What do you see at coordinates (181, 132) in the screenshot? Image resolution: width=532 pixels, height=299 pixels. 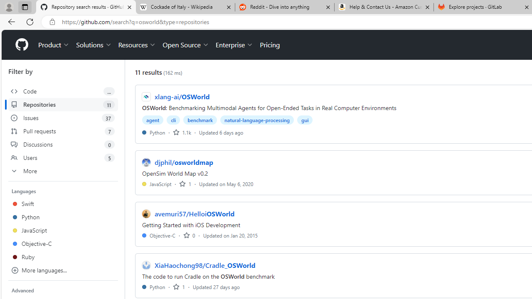 I see `'1.1k'` at bounding box center [181, 132].